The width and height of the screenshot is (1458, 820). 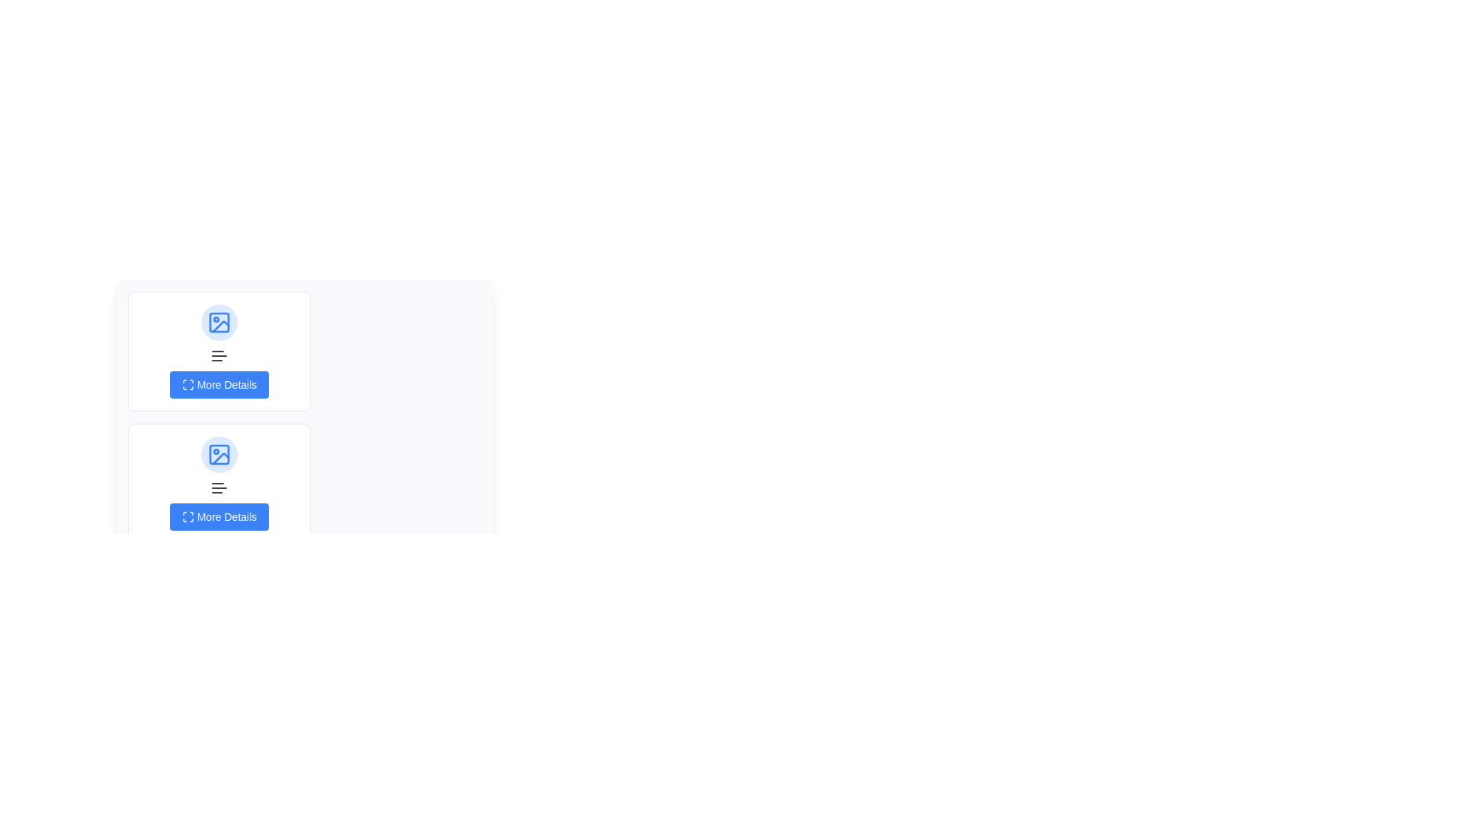 I want to click on the icon holder or image placeholder embedded within the card component, which is the first item in a column of cards, featuring a light blue background and a dark blue image icon, so click(x=218, y=321).